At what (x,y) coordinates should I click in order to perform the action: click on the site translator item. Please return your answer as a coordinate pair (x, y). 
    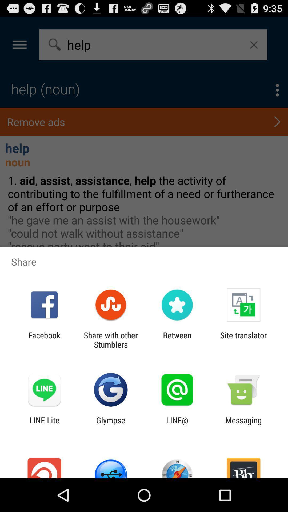
    Looking at the image, I should click on (243, 340).